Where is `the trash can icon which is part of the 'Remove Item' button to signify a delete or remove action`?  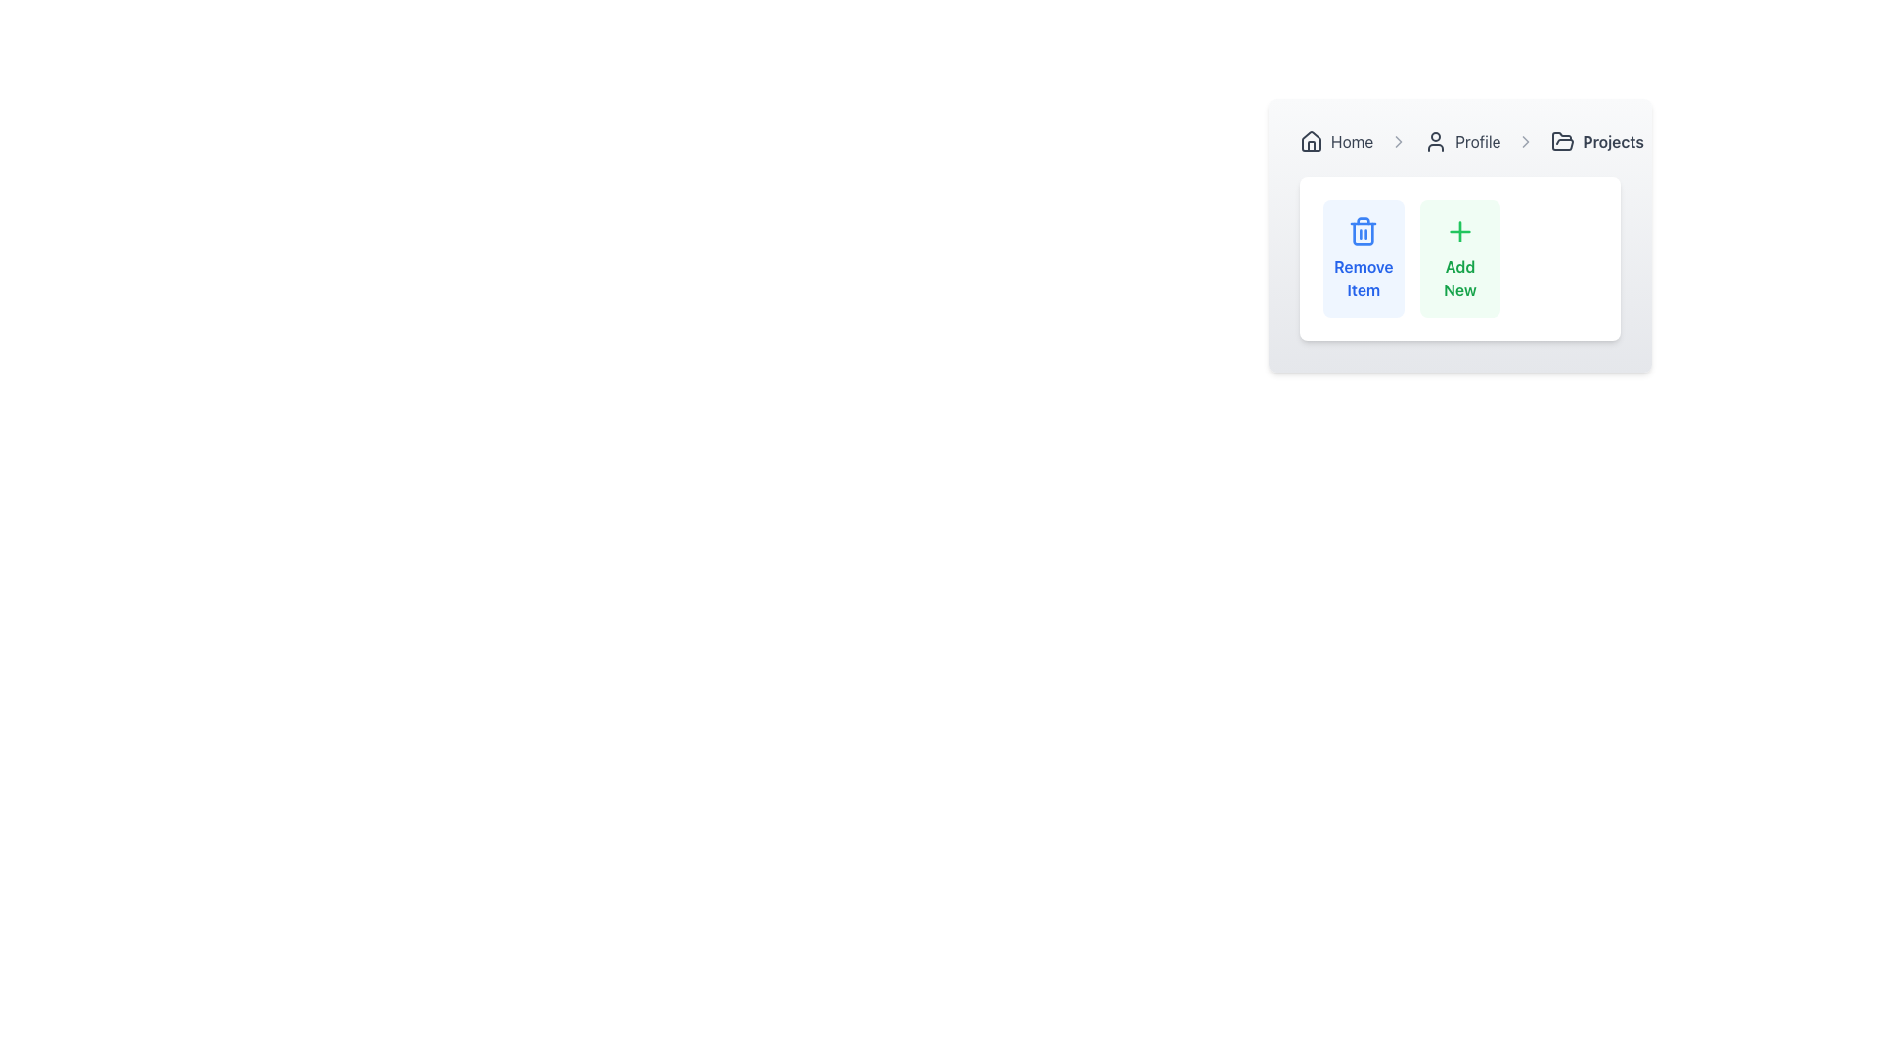 the trash can icon which is part of the 'Remove Item' button to signify a delete or remove action is located at coordinates (1362, 233).